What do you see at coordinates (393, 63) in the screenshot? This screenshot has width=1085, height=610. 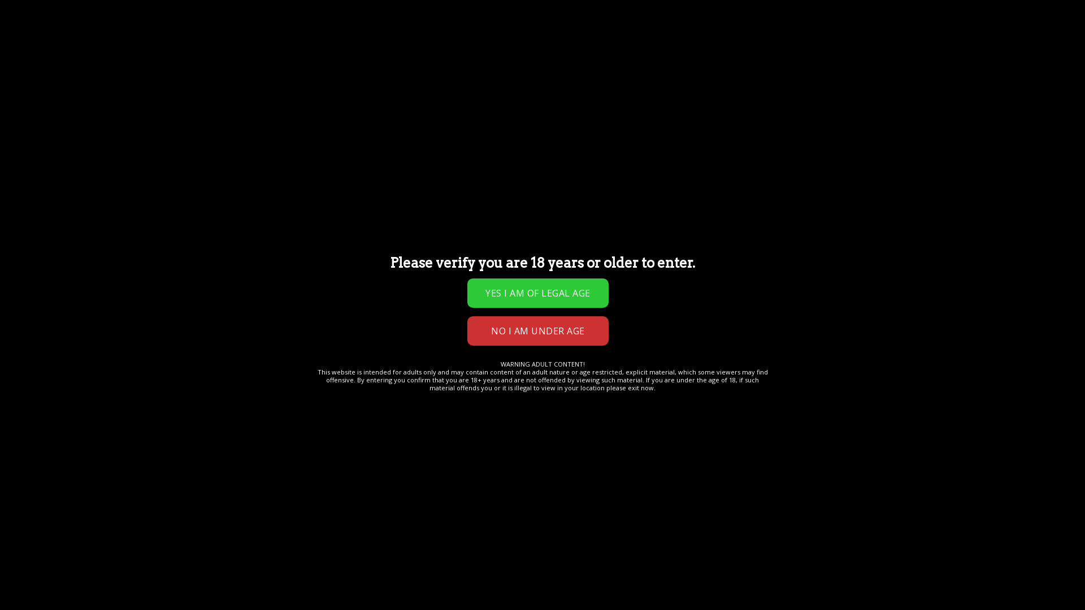 I see `'DRYING OVENS'` at bounding box center [393, 63].